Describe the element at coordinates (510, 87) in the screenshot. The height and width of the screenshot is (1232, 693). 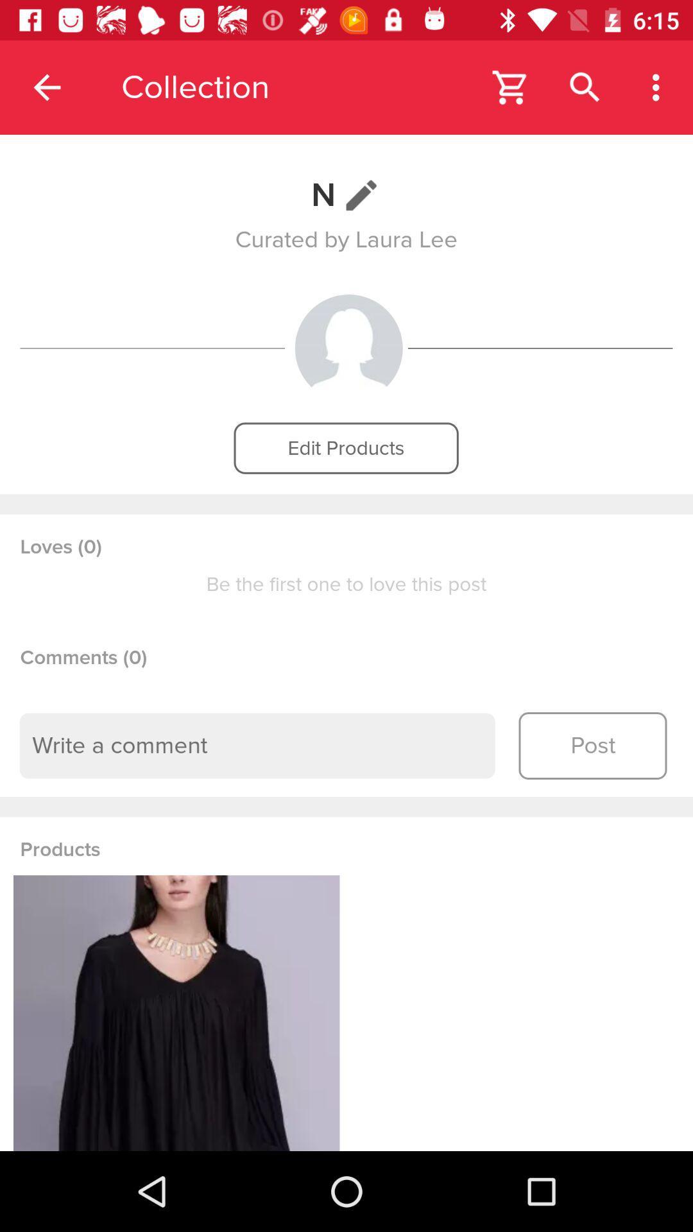
I see `item to the right of the collection app` at that location.